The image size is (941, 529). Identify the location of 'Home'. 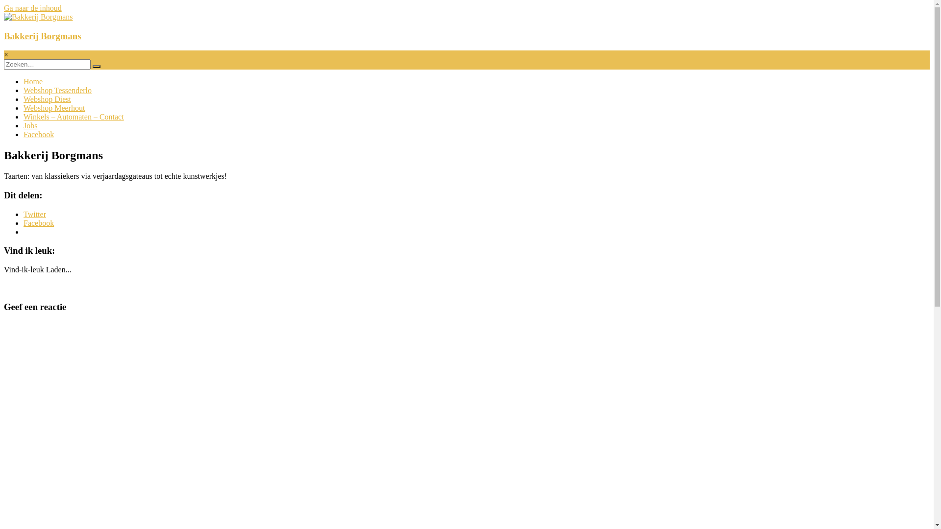
(33, 81).